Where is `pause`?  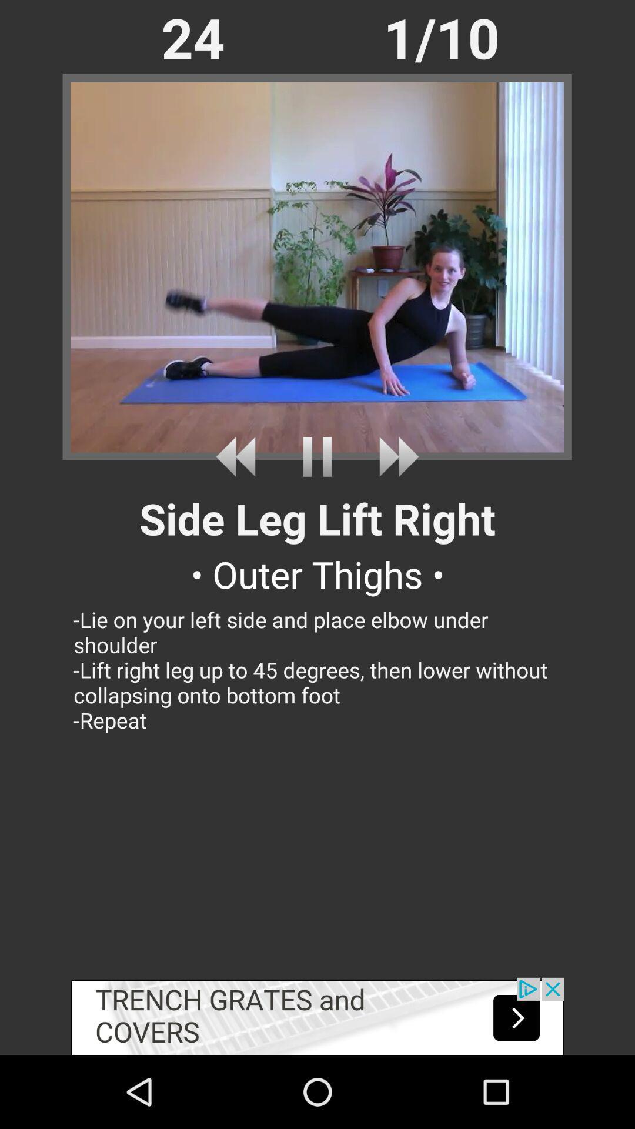
pause is located at coordinates (317, 456).